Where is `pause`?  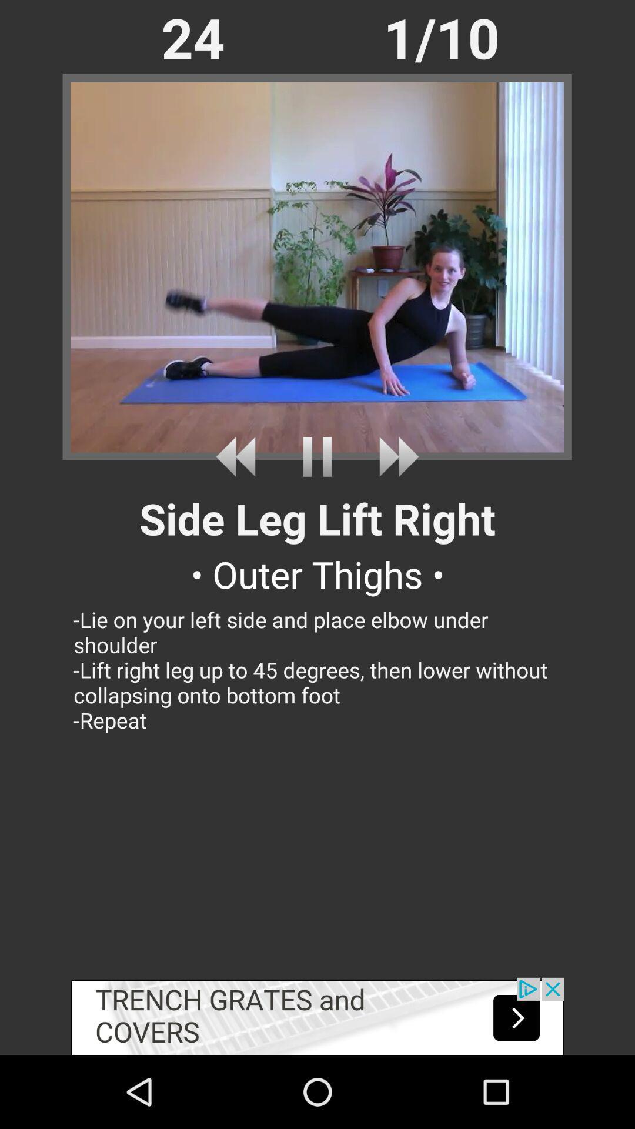
pause is located at coordinates (317, 456).